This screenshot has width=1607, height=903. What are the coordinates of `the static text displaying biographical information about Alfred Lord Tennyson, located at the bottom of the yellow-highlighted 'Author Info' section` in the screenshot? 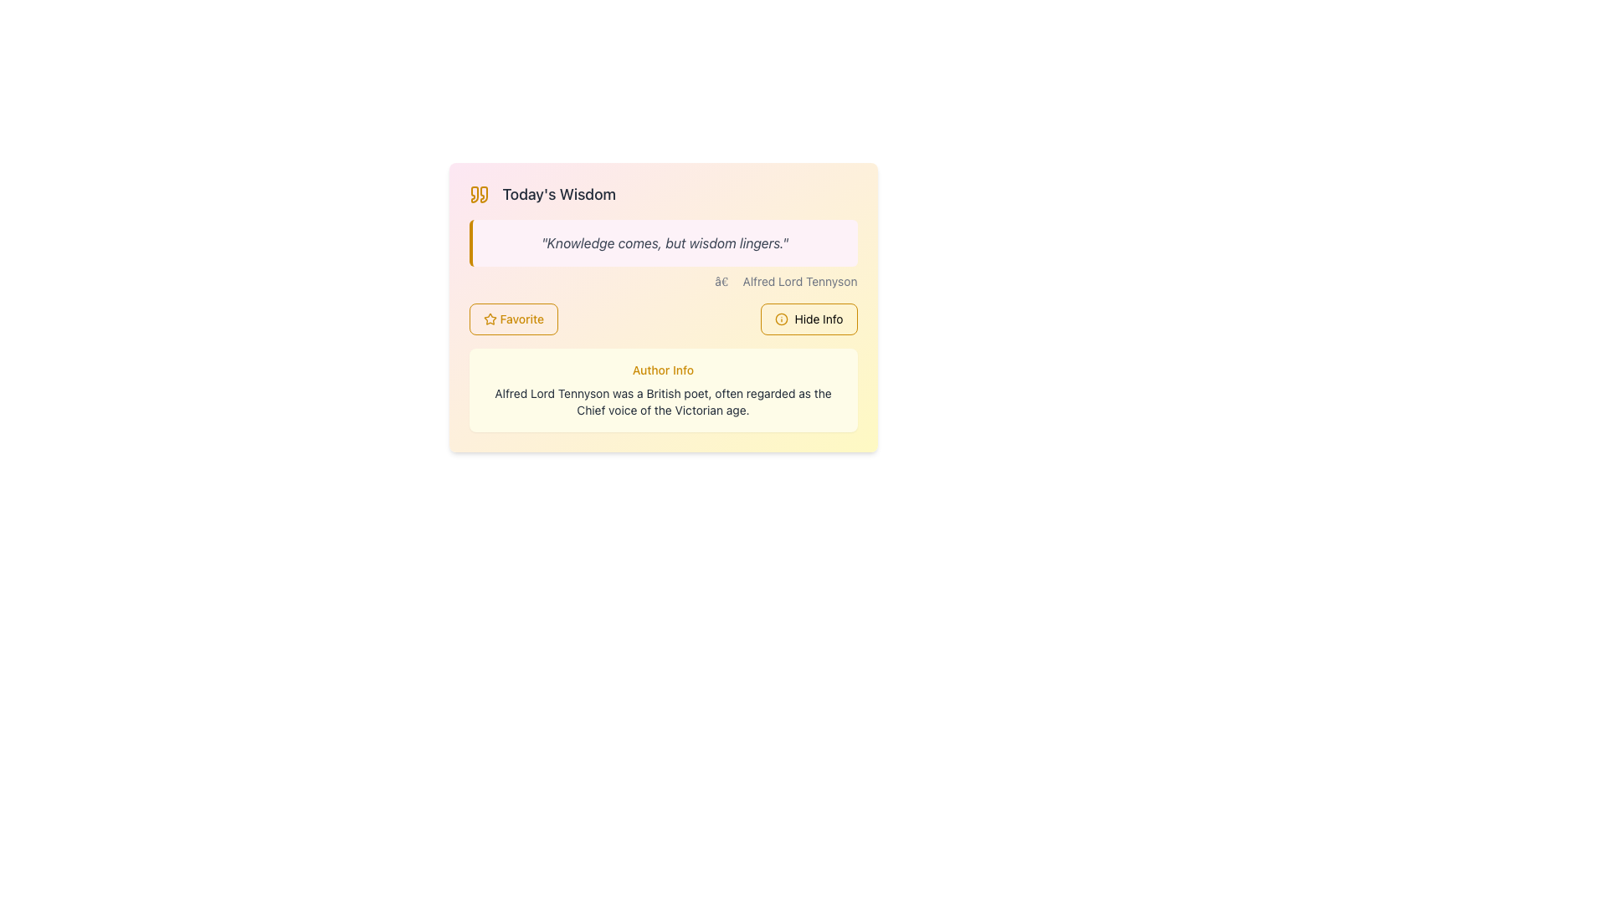 It's located at (662, 402).